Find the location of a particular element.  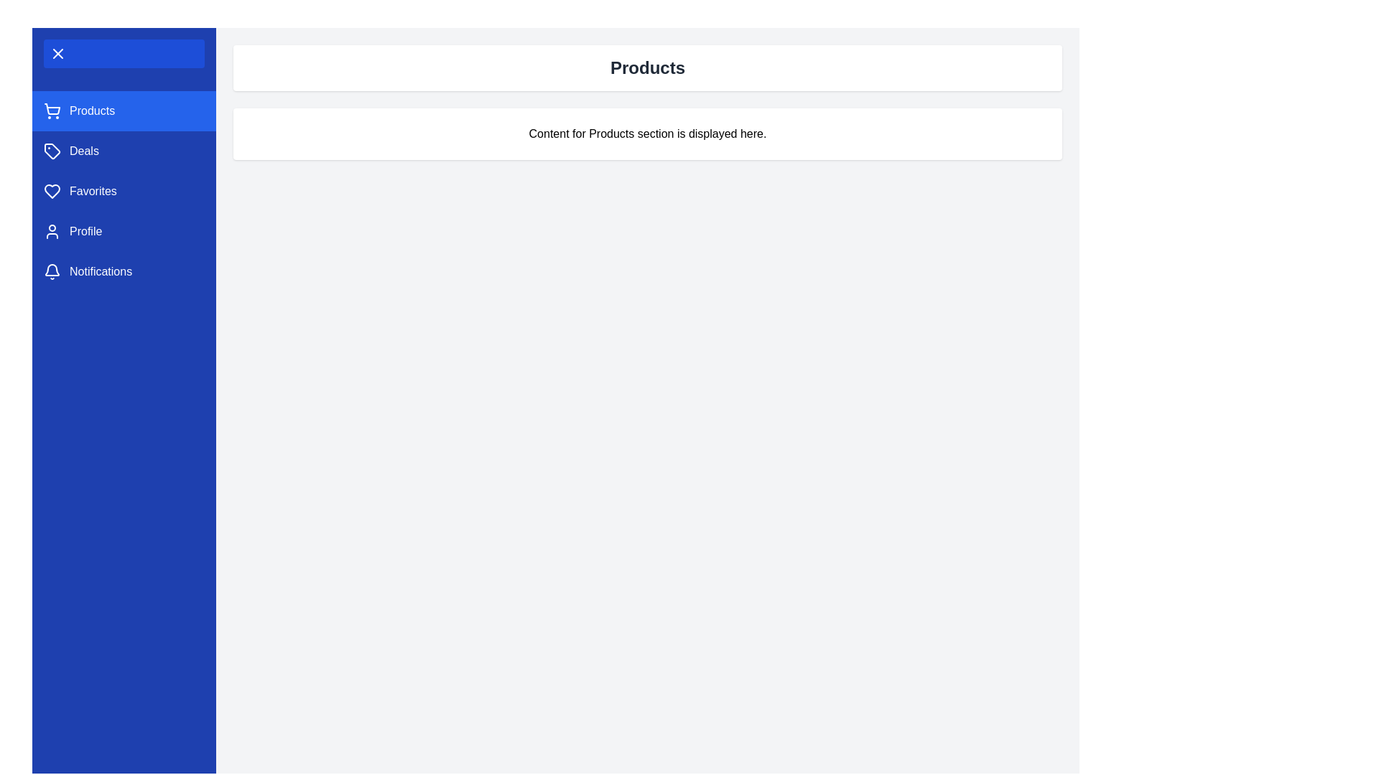

text content of the 'Products' label located to the right of the shopping cart icon in the vertical menu on the left side of the interface is located at coordinates (91, 110).